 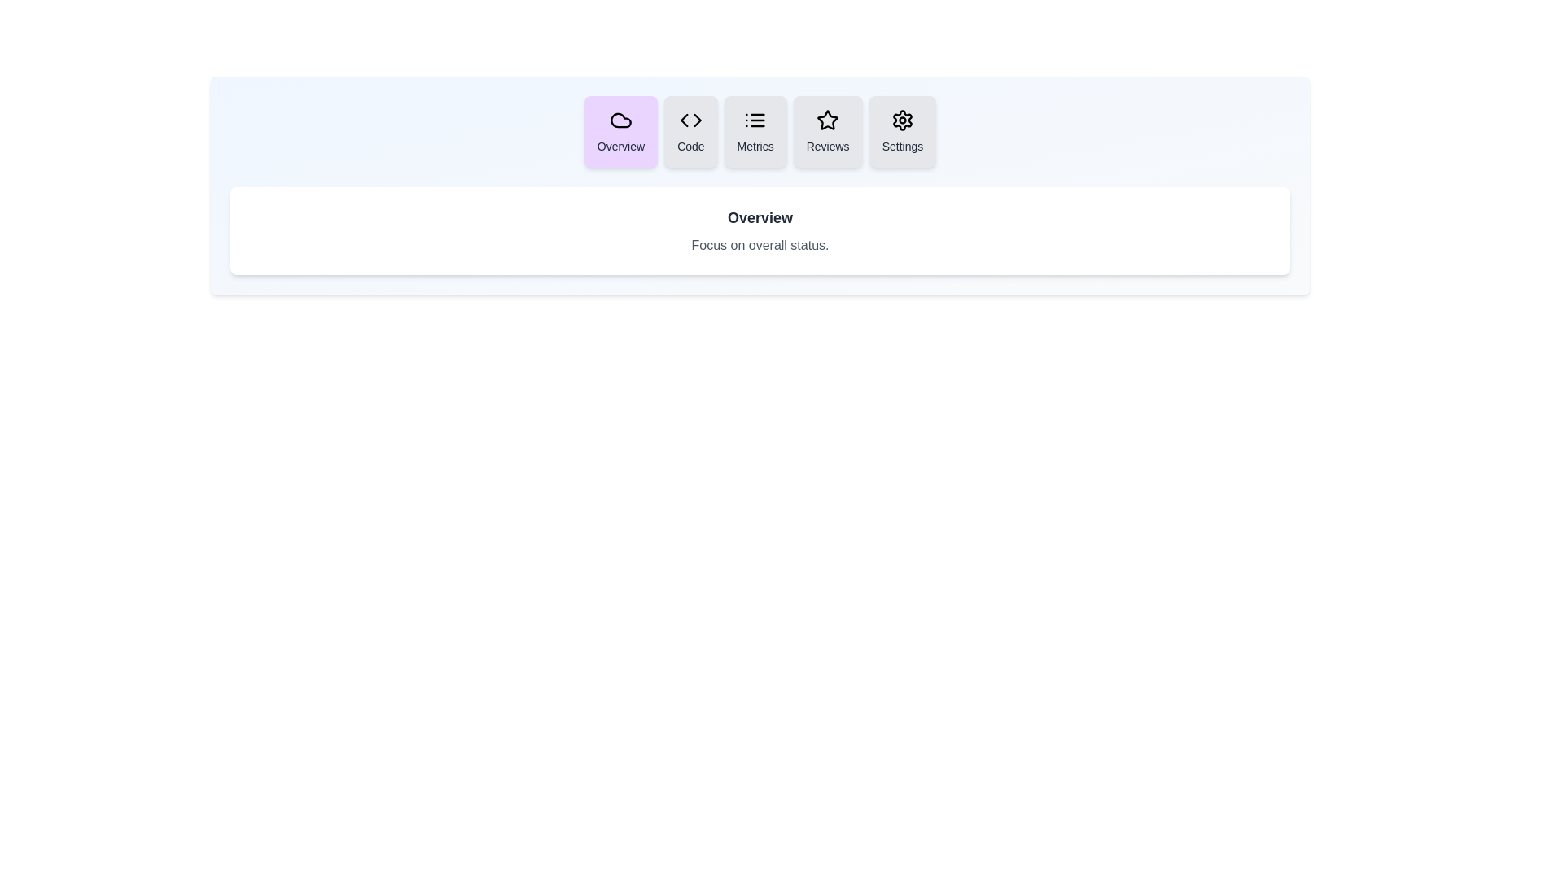 What do you see at coordinates (690, 131) in the screenshot?
I see `the tab button labeled Code to see the hover effect` at bounding box center [690, 131].